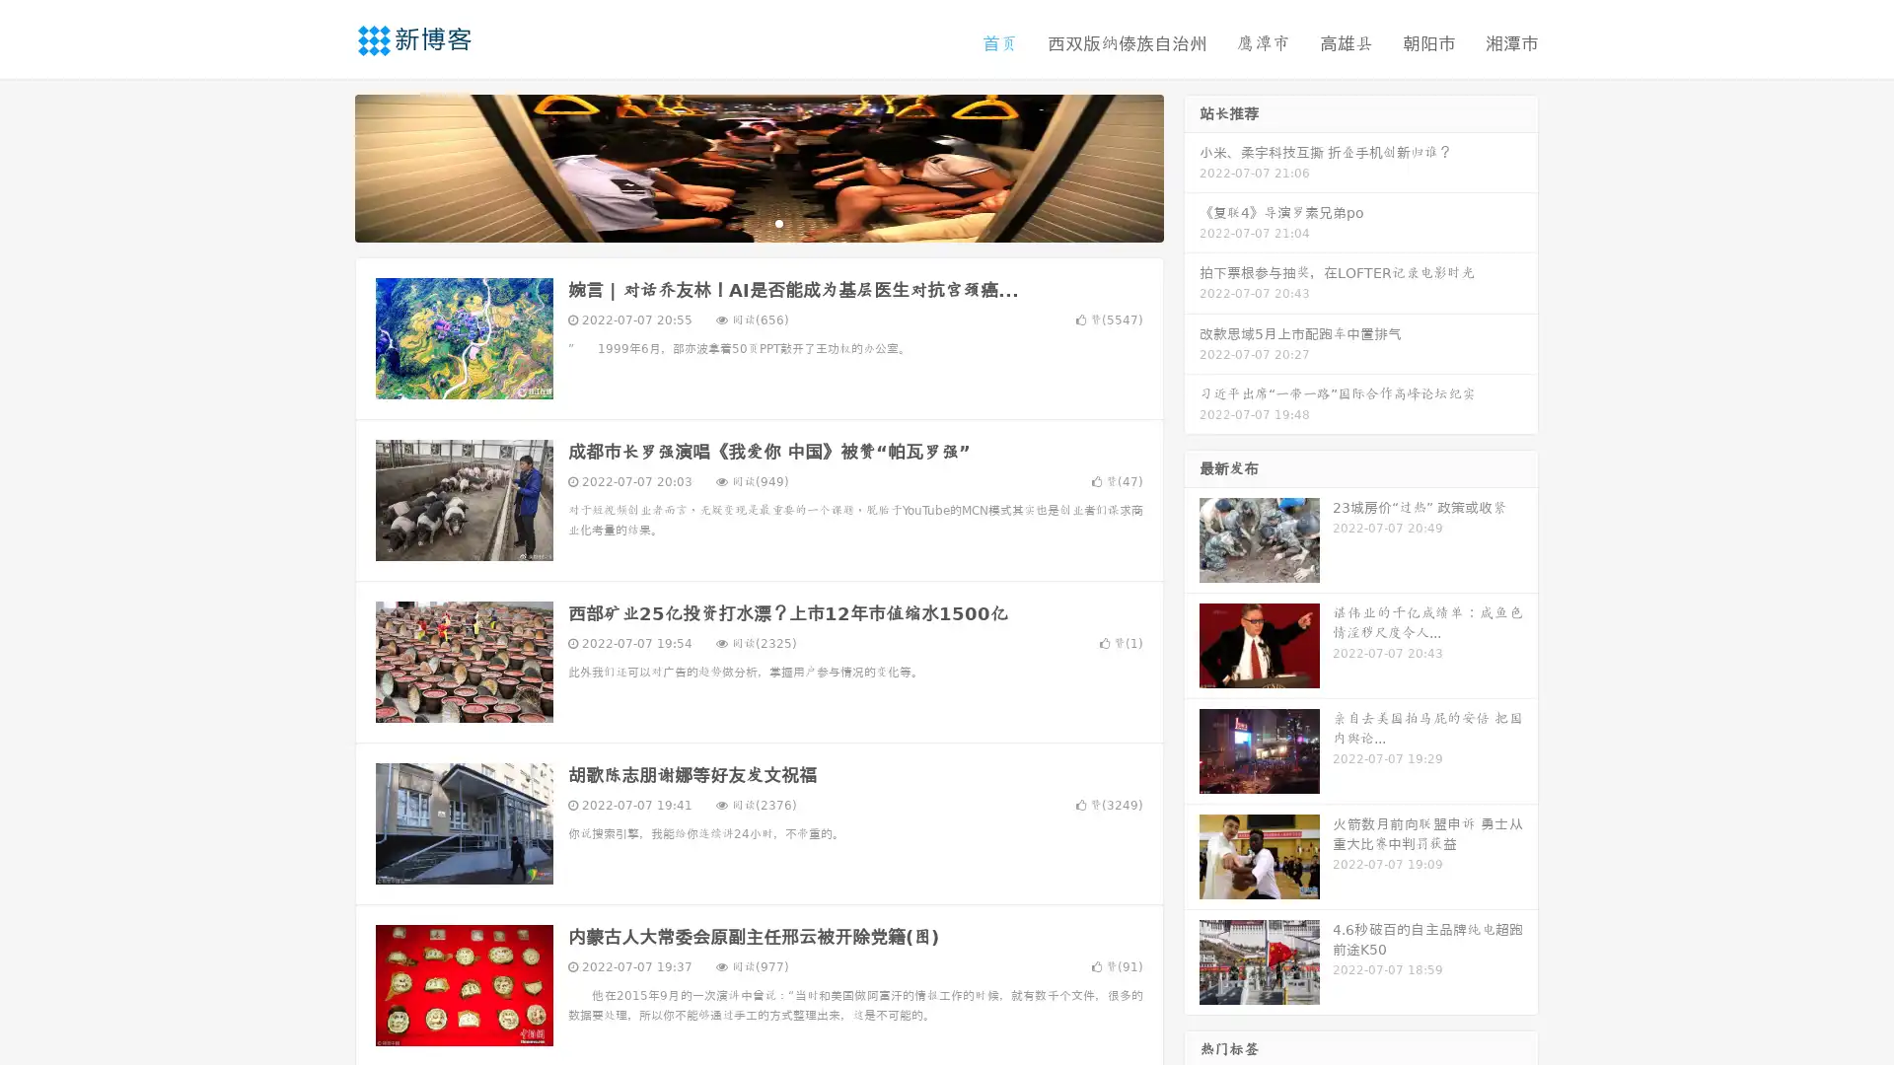 The image size is (1894, 1065). I want to click on Go to slide 2, so click(758, 222).